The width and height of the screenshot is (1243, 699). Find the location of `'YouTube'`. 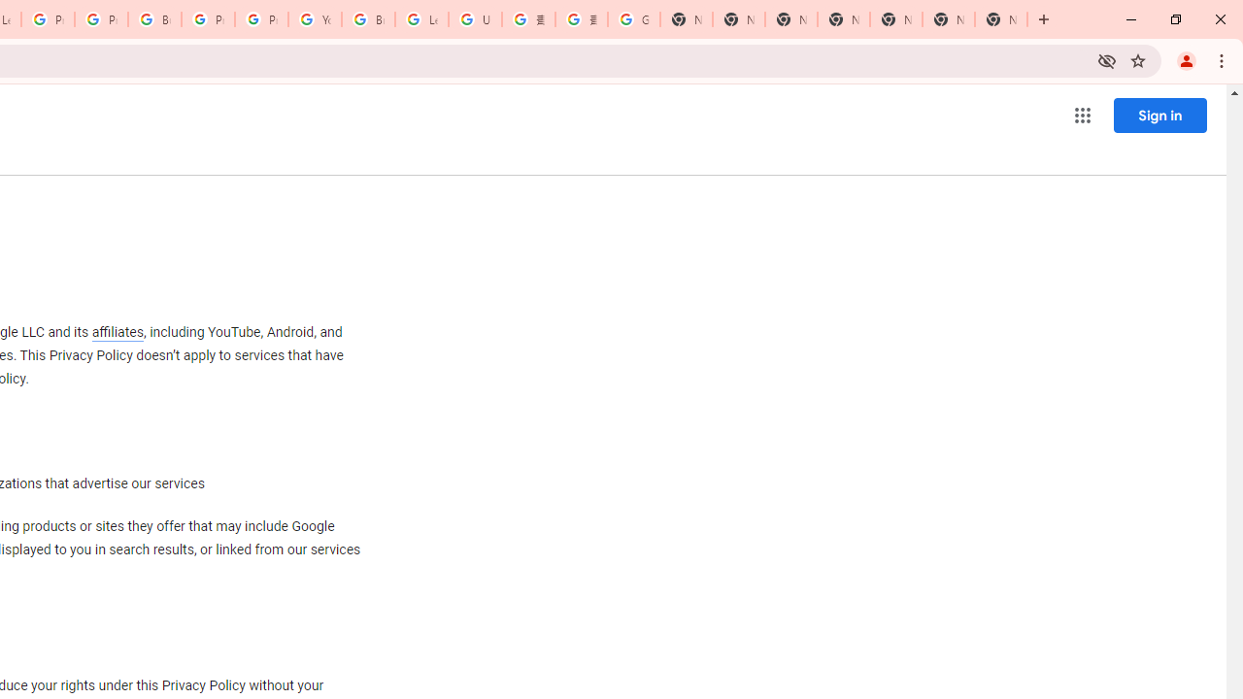

'YouTube' is located at coordinates (315, 19).